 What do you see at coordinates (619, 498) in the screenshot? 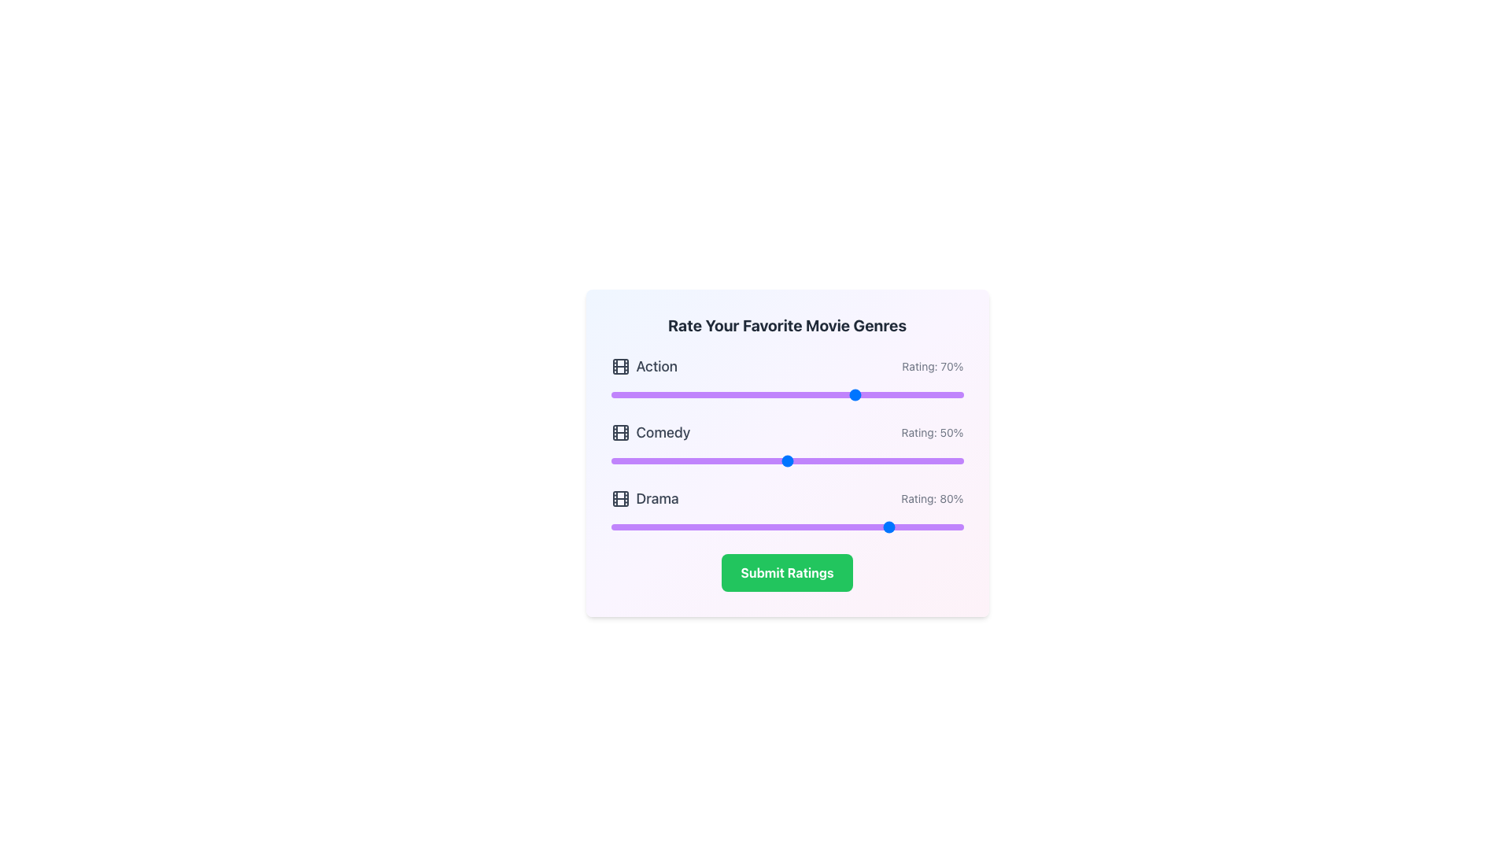
I see `the 'Drama' genre icon, which visually represents the genre within the rating interface and is aligned with other genre icons in the grid` at bounding box center [619, 498].